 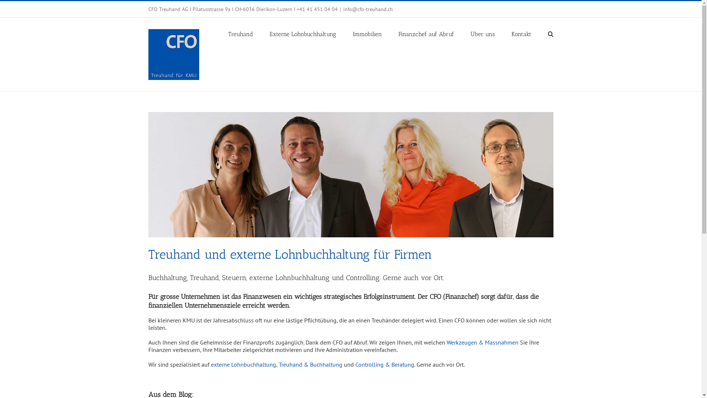 I want to click on 'Externe Lohnbuchhaltung', so click(x=269, y=34).